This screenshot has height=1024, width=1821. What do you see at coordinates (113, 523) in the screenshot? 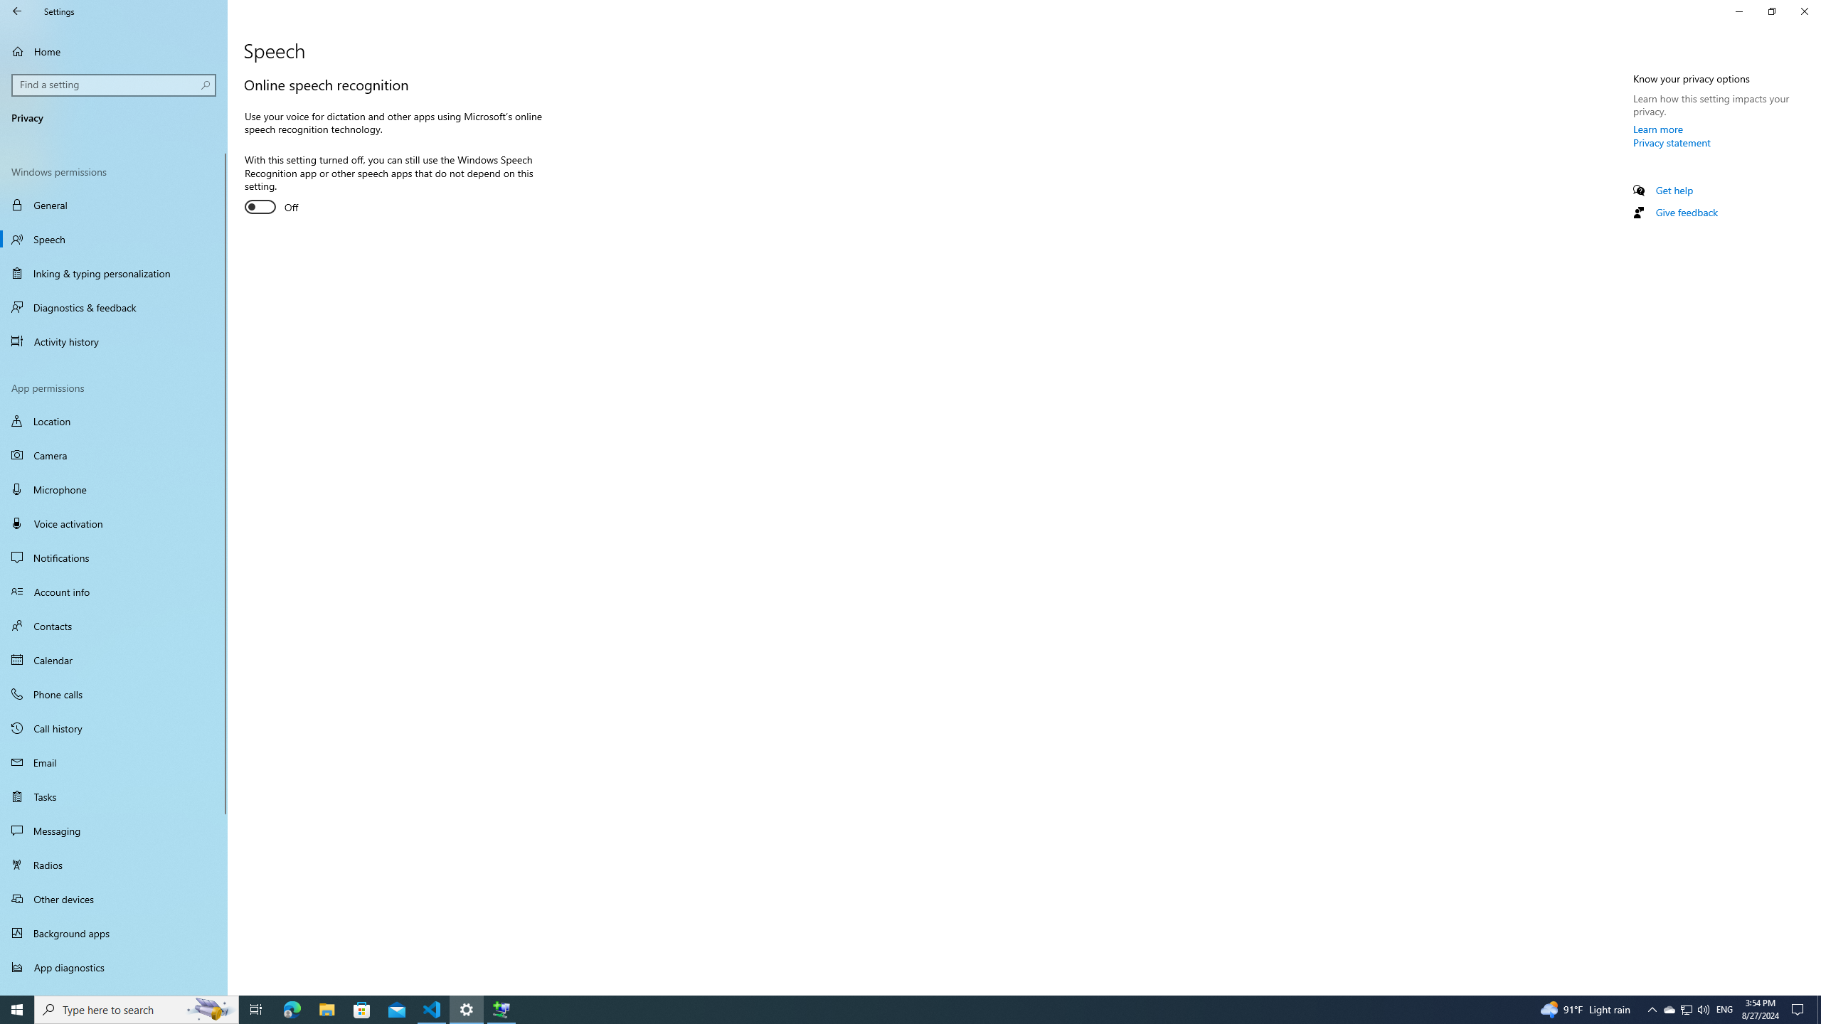
I see `'Voice activation'` at bounding box center [113, 523].